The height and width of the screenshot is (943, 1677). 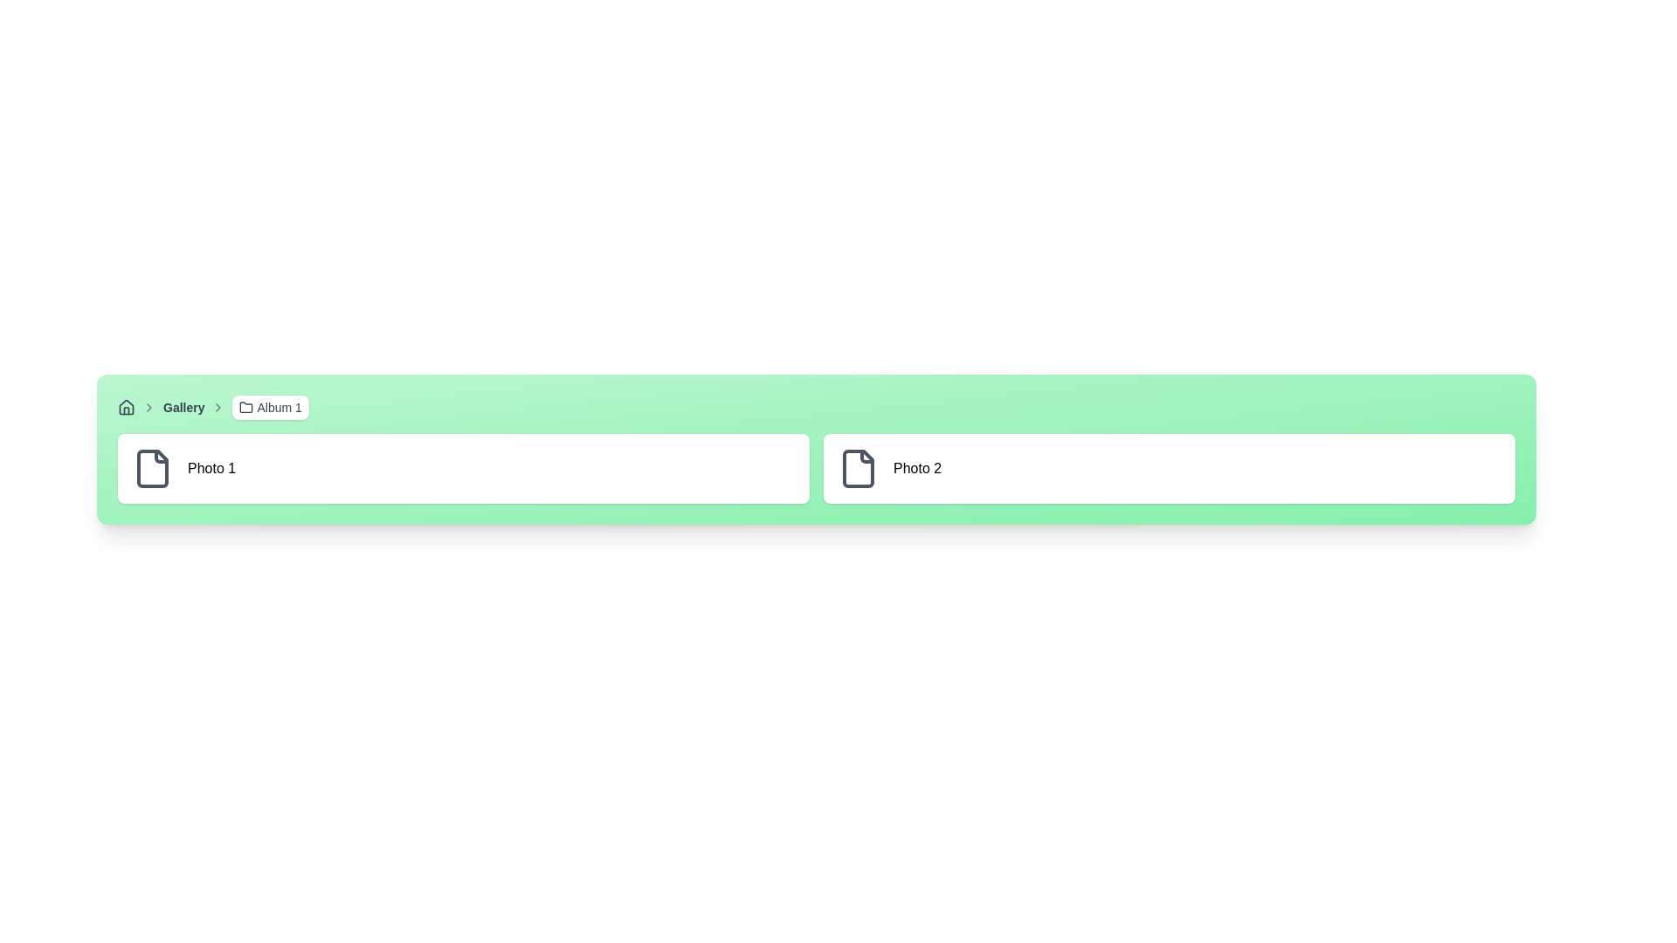 What do you see at coordinates (867, 456) in the screenshot?
I see `the Decorative icon component located in the top-right corner of the document icon labeled 'Photo 2', which is situated in the right panel of the interface` at bounding box center [867, 456].